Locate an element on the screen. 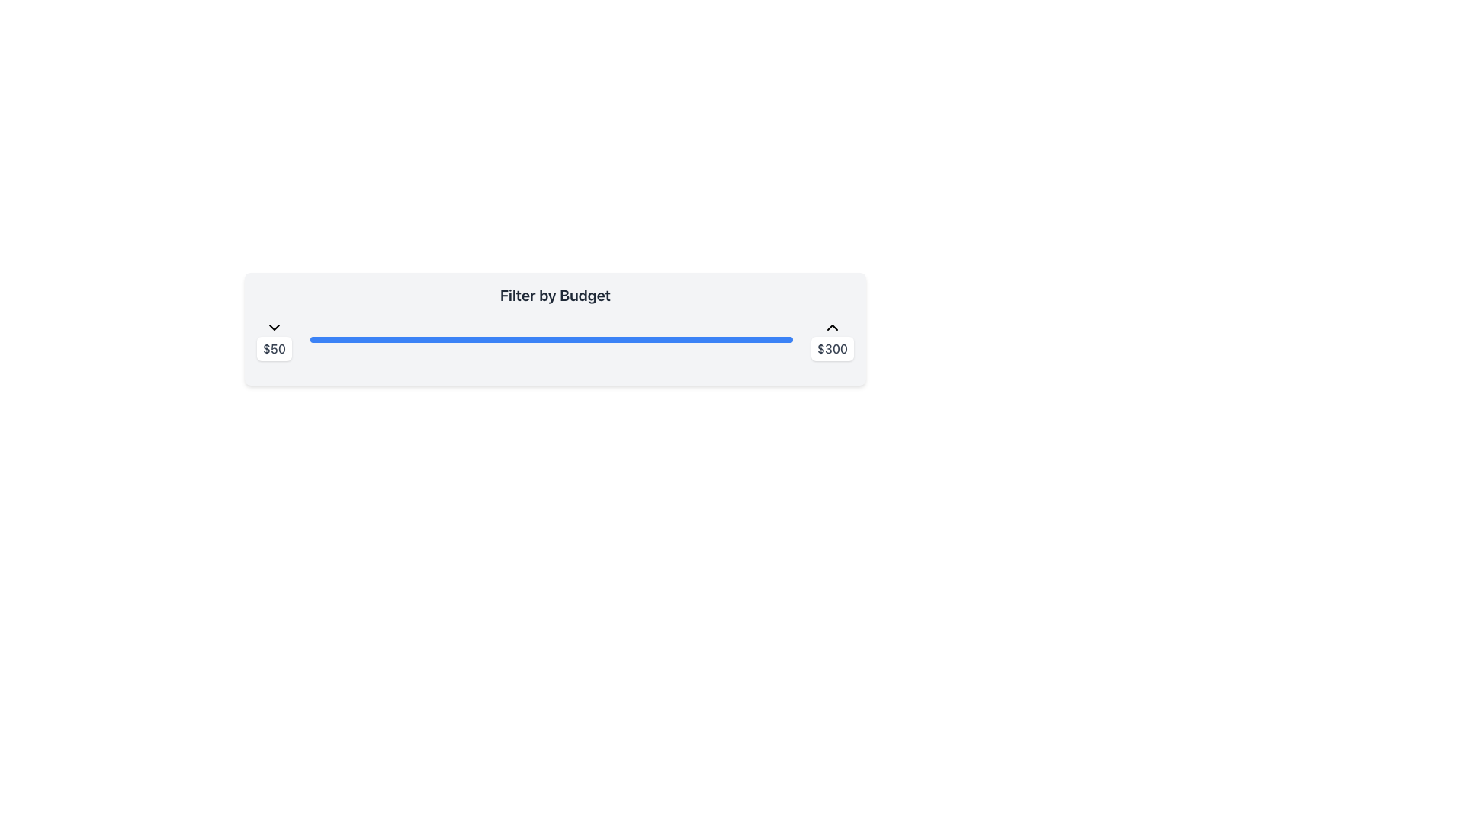 Image resolution: width=1464 pixels, height=823 pixels. the budget filter is located at coordinates (532, 339).